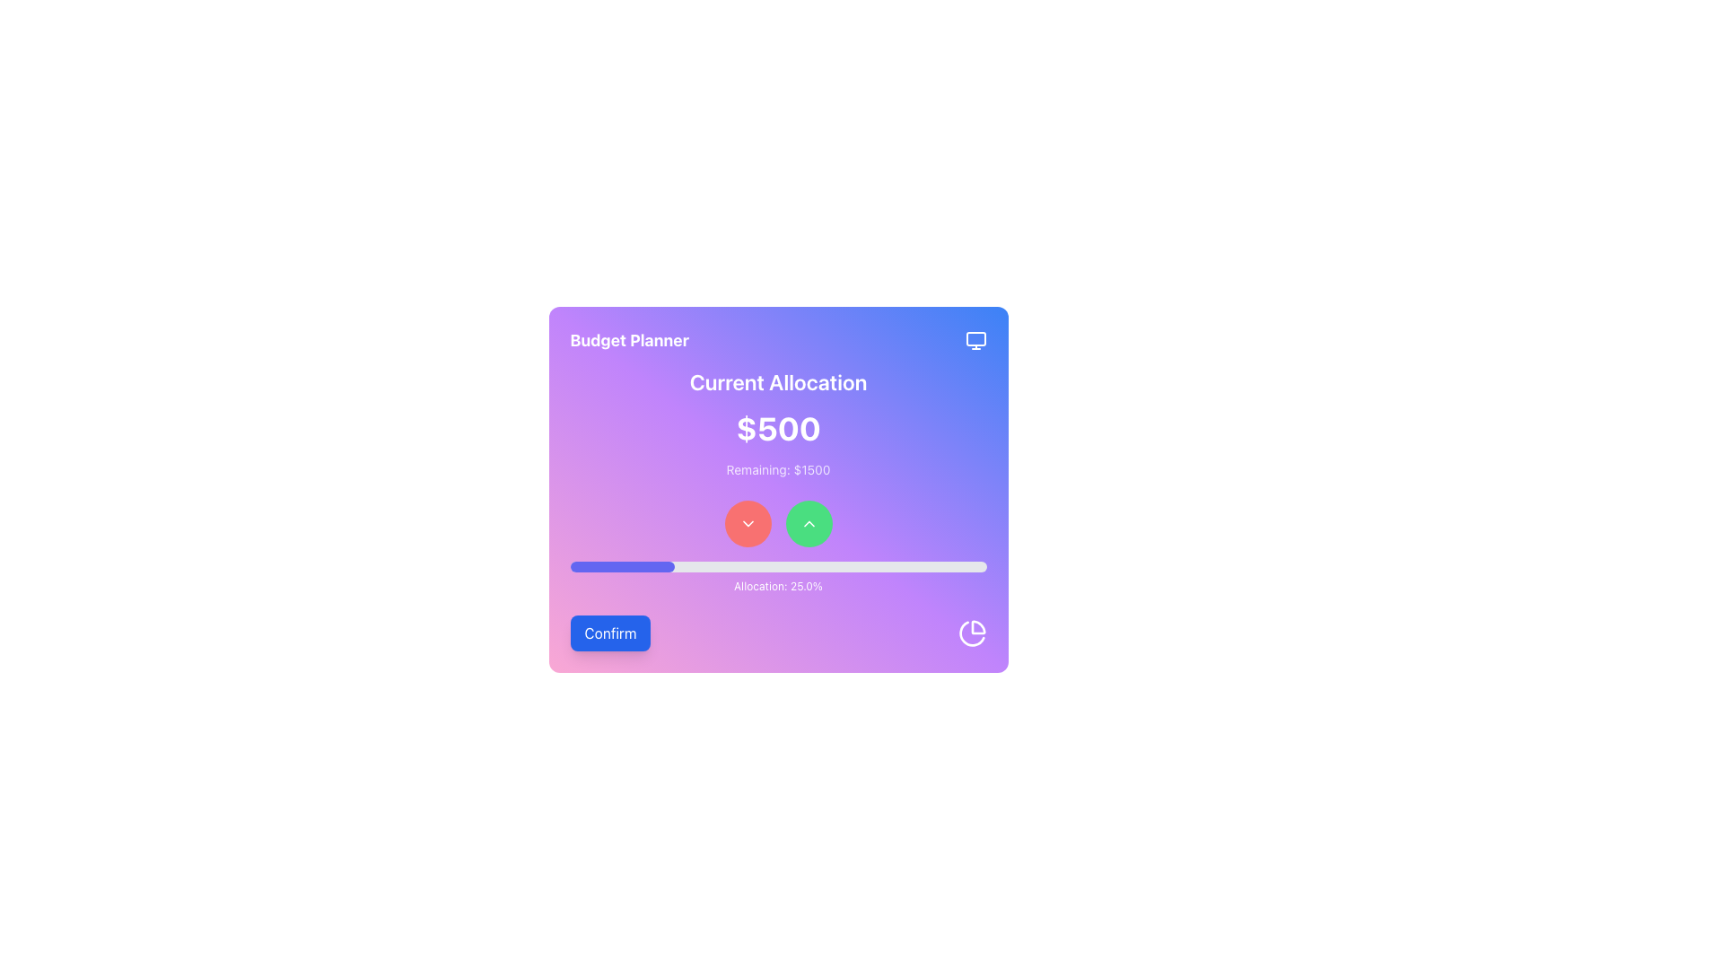 The width and height of the screenshot is (1723, 969). What do you see at coordinates (622, 567) in the screenshot?
I see `the progress bar that displays the currently allocated budget percentage, located below the circular increment and decrement buttons in the center of the interface` at bounding box center [622, 567].